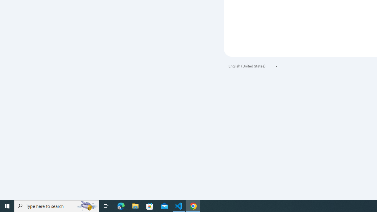 The image size is (377, 212). I want to click on 'English (United States)', so click(253, 66).